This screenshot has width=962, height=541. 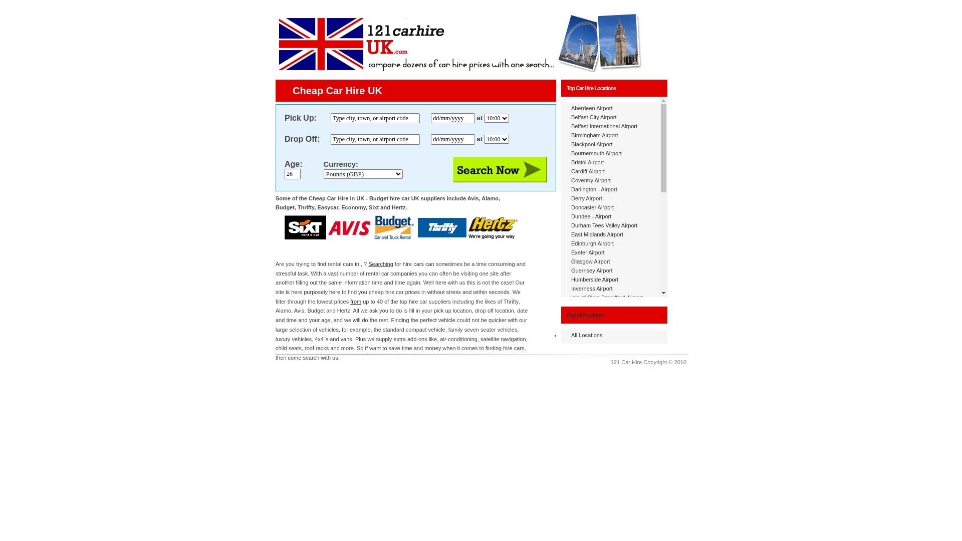 I want to click on 'London - Gatwick Airport', so click(x=601, y=351).